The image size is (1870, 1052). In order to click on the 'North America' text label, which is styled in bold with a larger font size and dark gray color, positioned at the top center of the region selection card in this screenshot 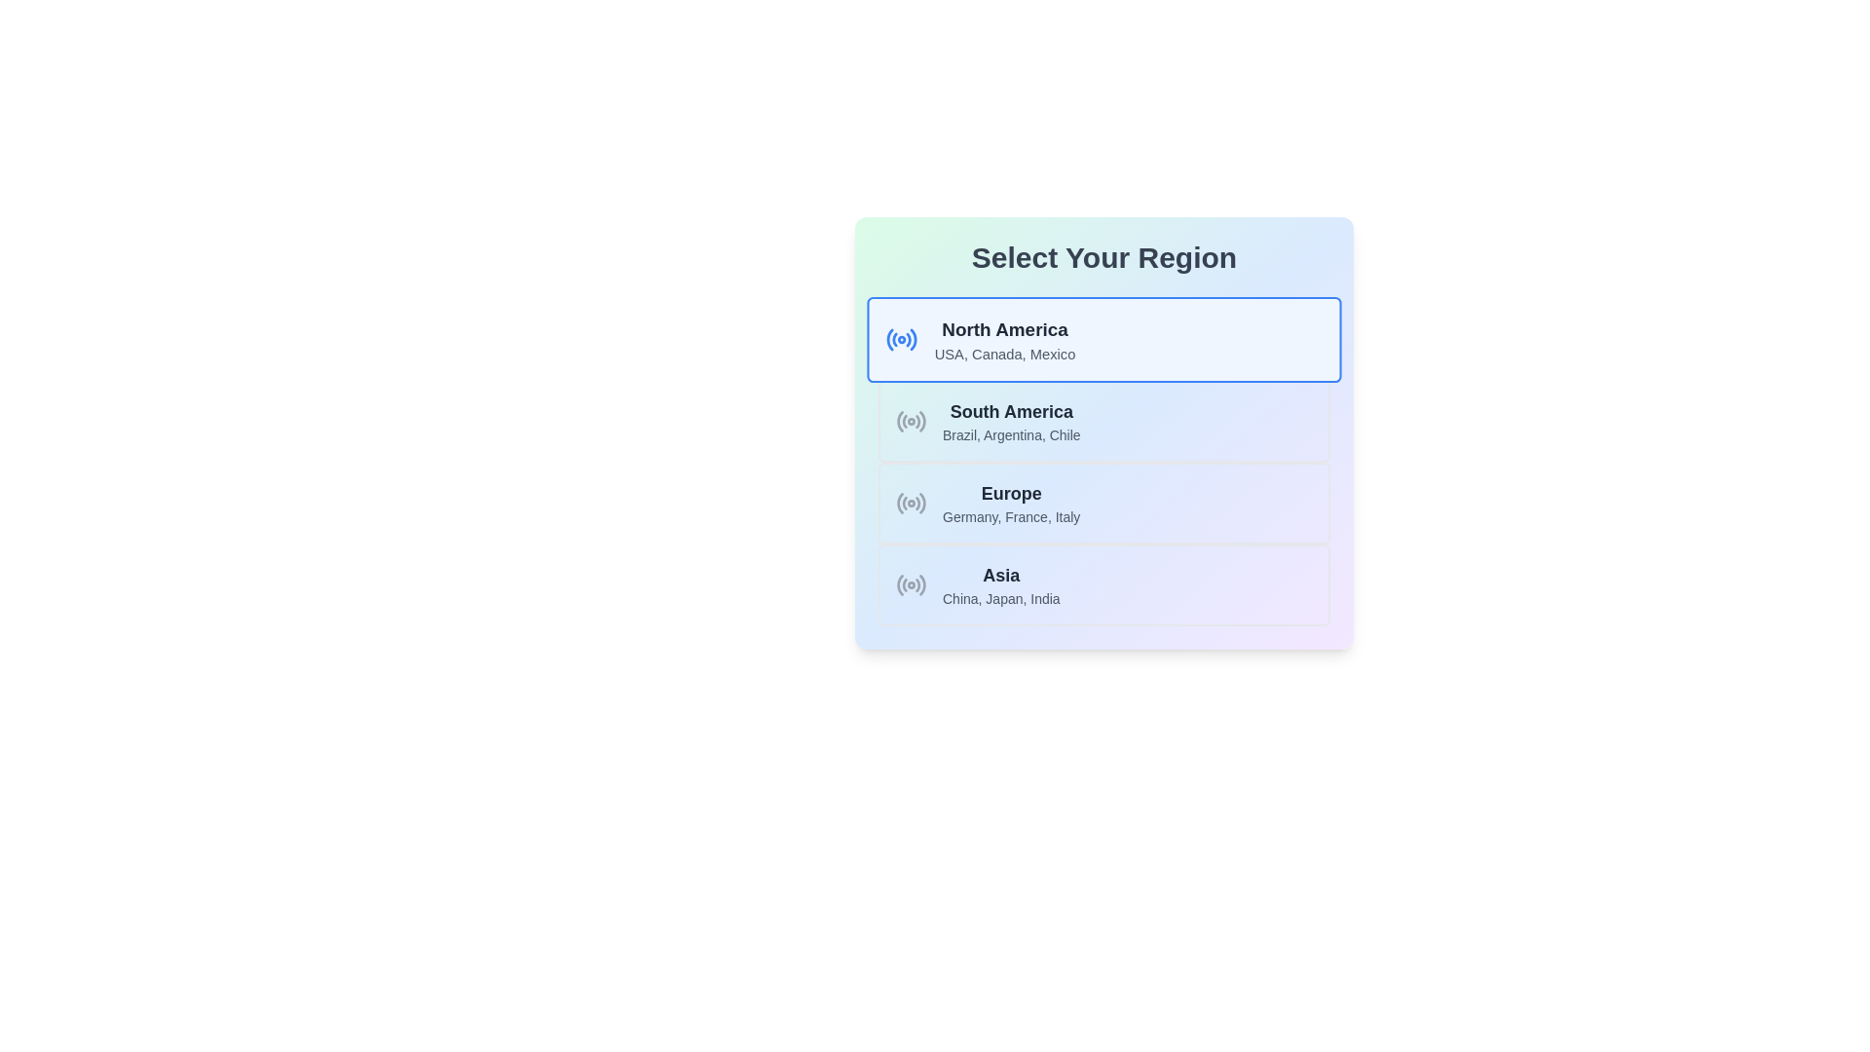, I will do `click(1005, 328)`.